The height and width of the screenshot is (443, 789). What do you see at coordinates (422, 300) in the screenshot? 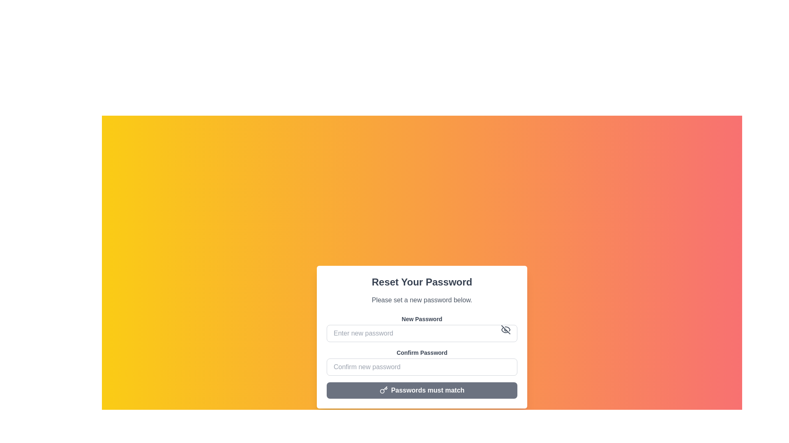
I see `text from the gray text block providing instructions for setting a new password, located below the header 'Reset Your Password'` at bounding box center [422, 300].